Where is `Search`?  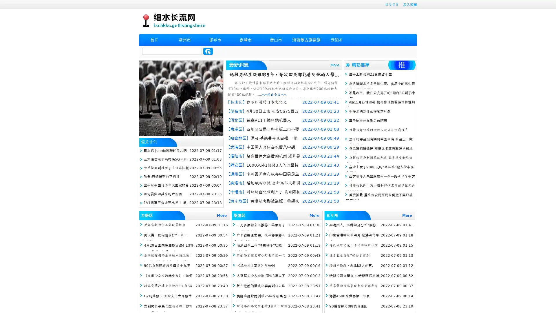 Search is located at coordinates (208, 51).